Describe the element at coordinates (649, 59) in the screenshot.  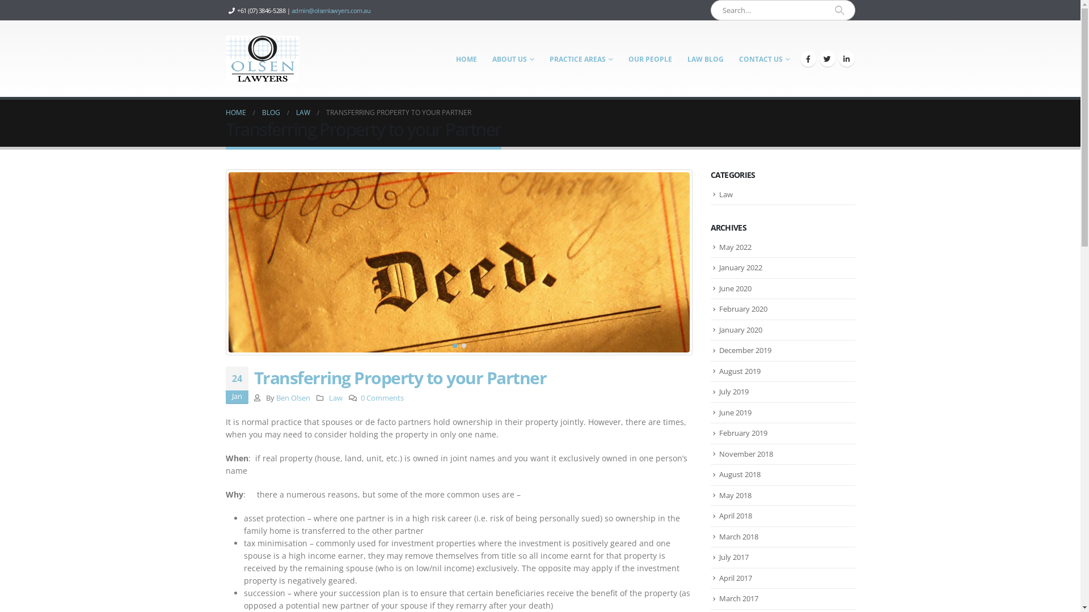
I see `'OUR PEOPLE'` at that location.